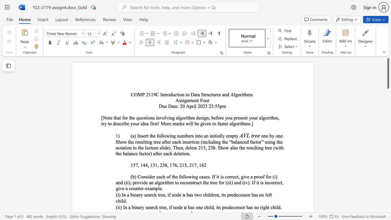 The width and height of the screenshot is (391, 220). I want to click on the scrollbar to move the page down, so click(388, 110).